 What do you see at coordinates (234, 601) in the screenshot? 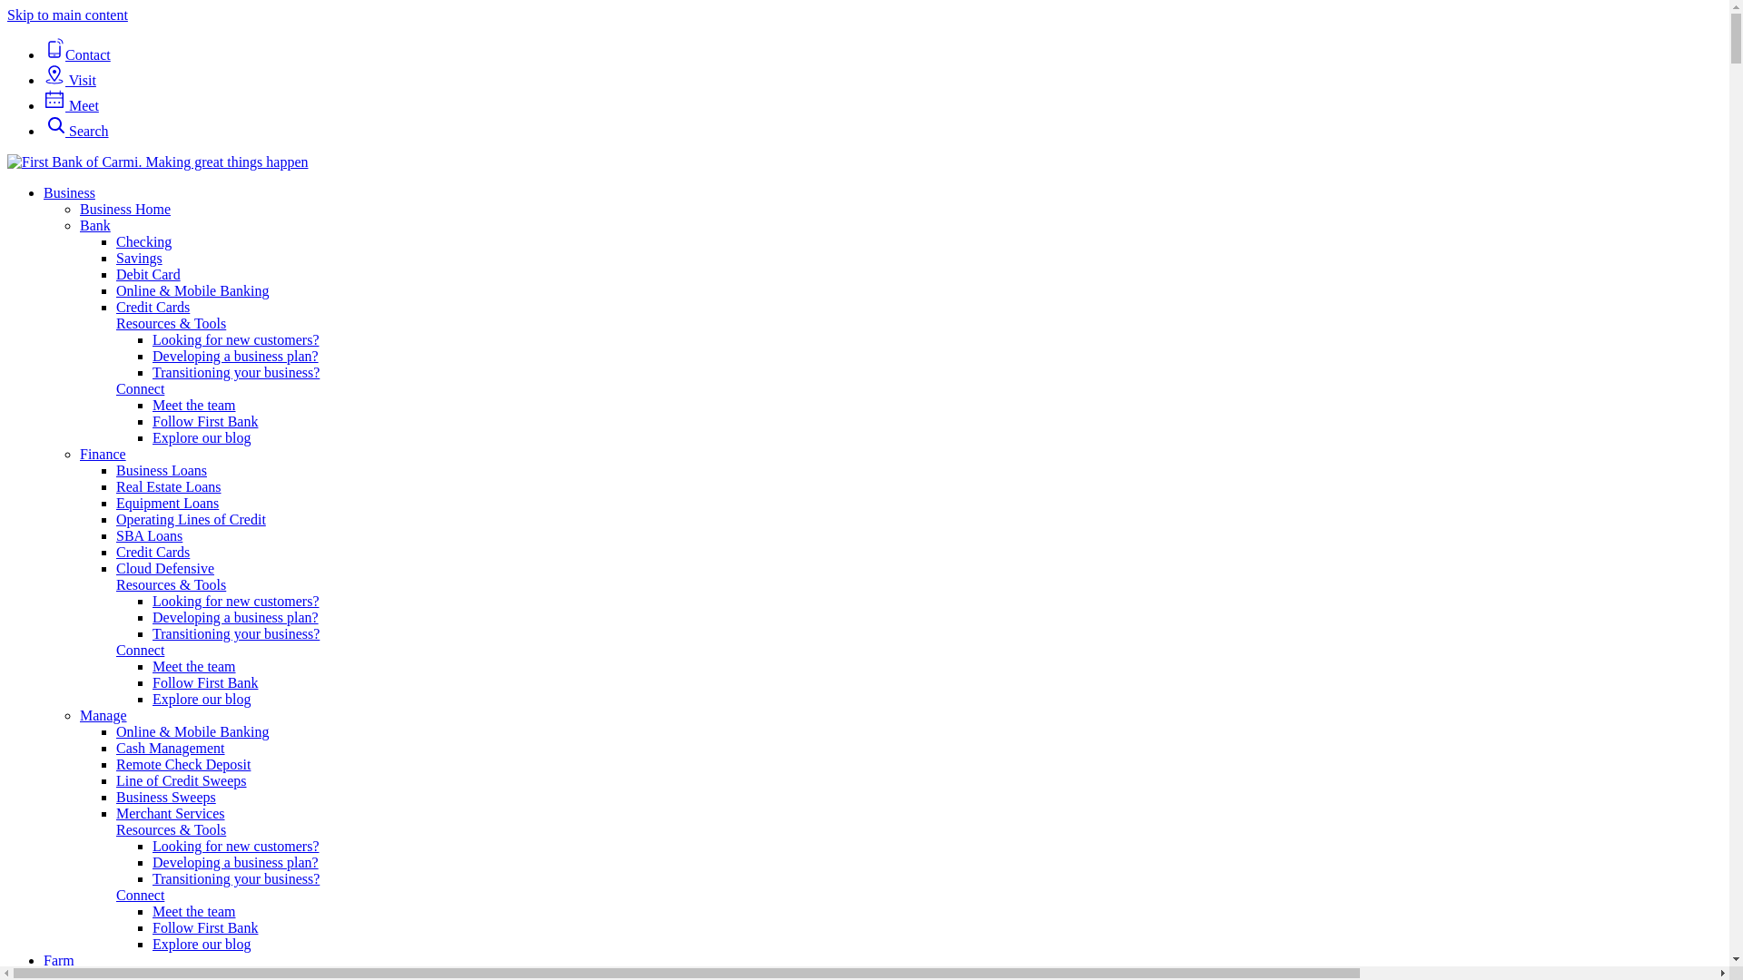
I see `'Looking for new customers?'` at bounding box center [234, 601].